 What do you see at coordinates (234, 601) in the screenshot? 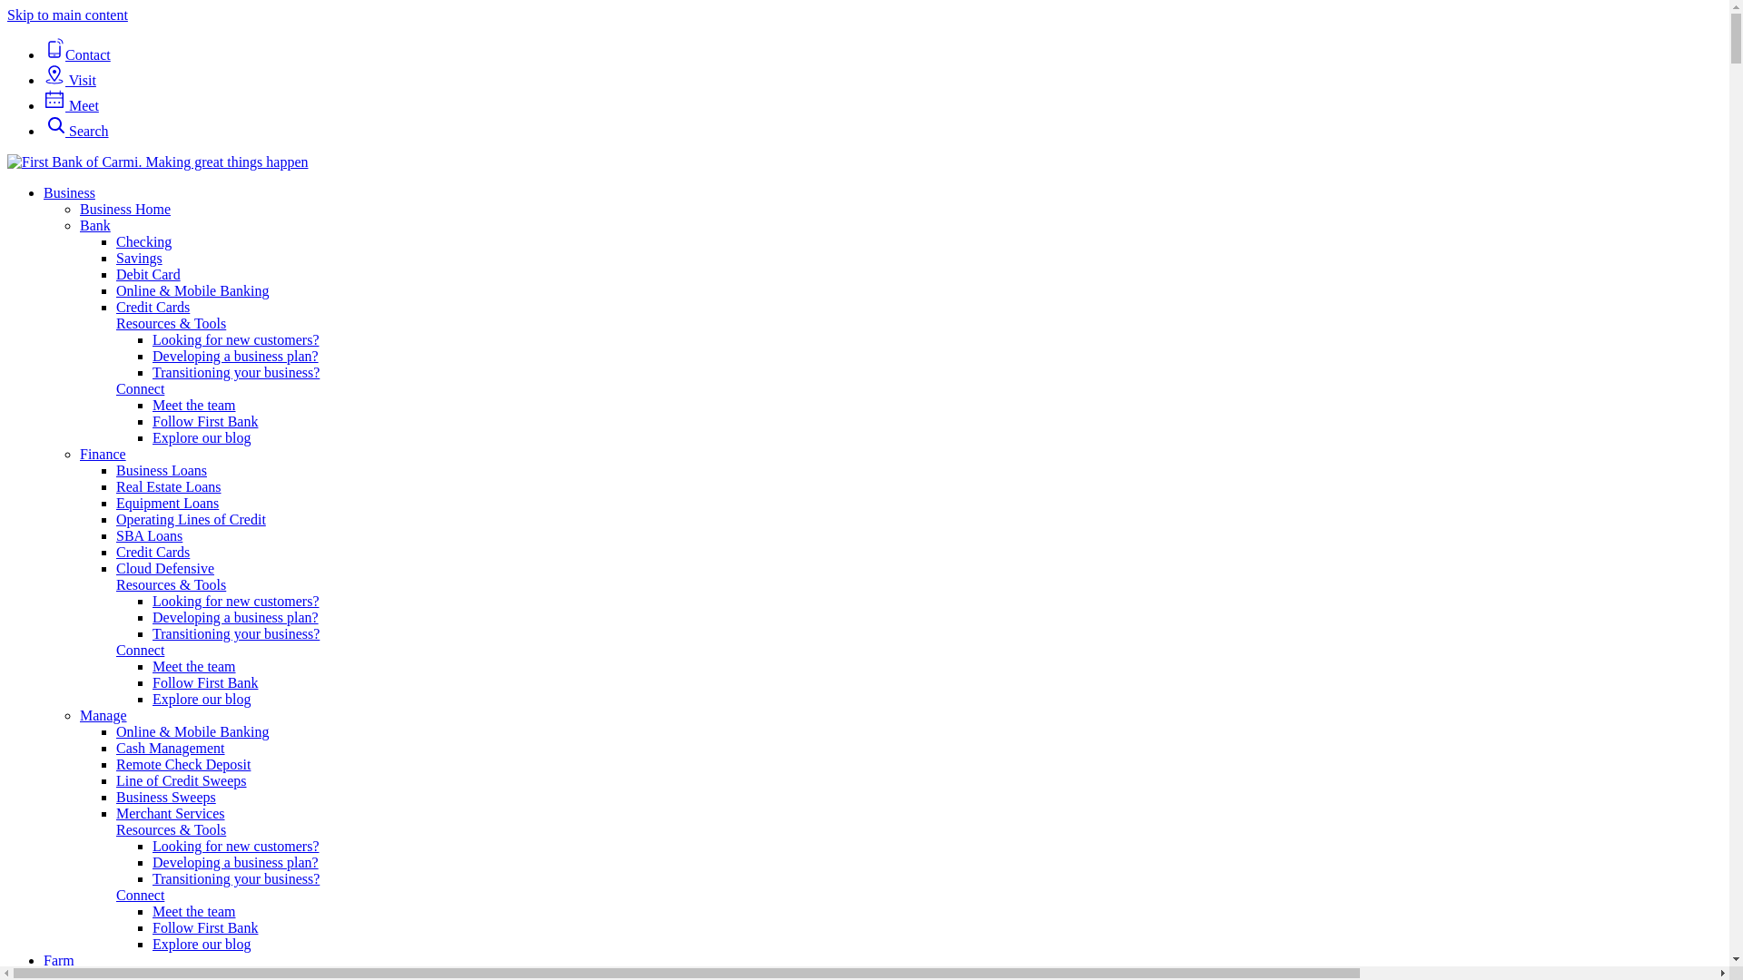
I see `'Looking for new customers?'` at bounding box center [234, 601].